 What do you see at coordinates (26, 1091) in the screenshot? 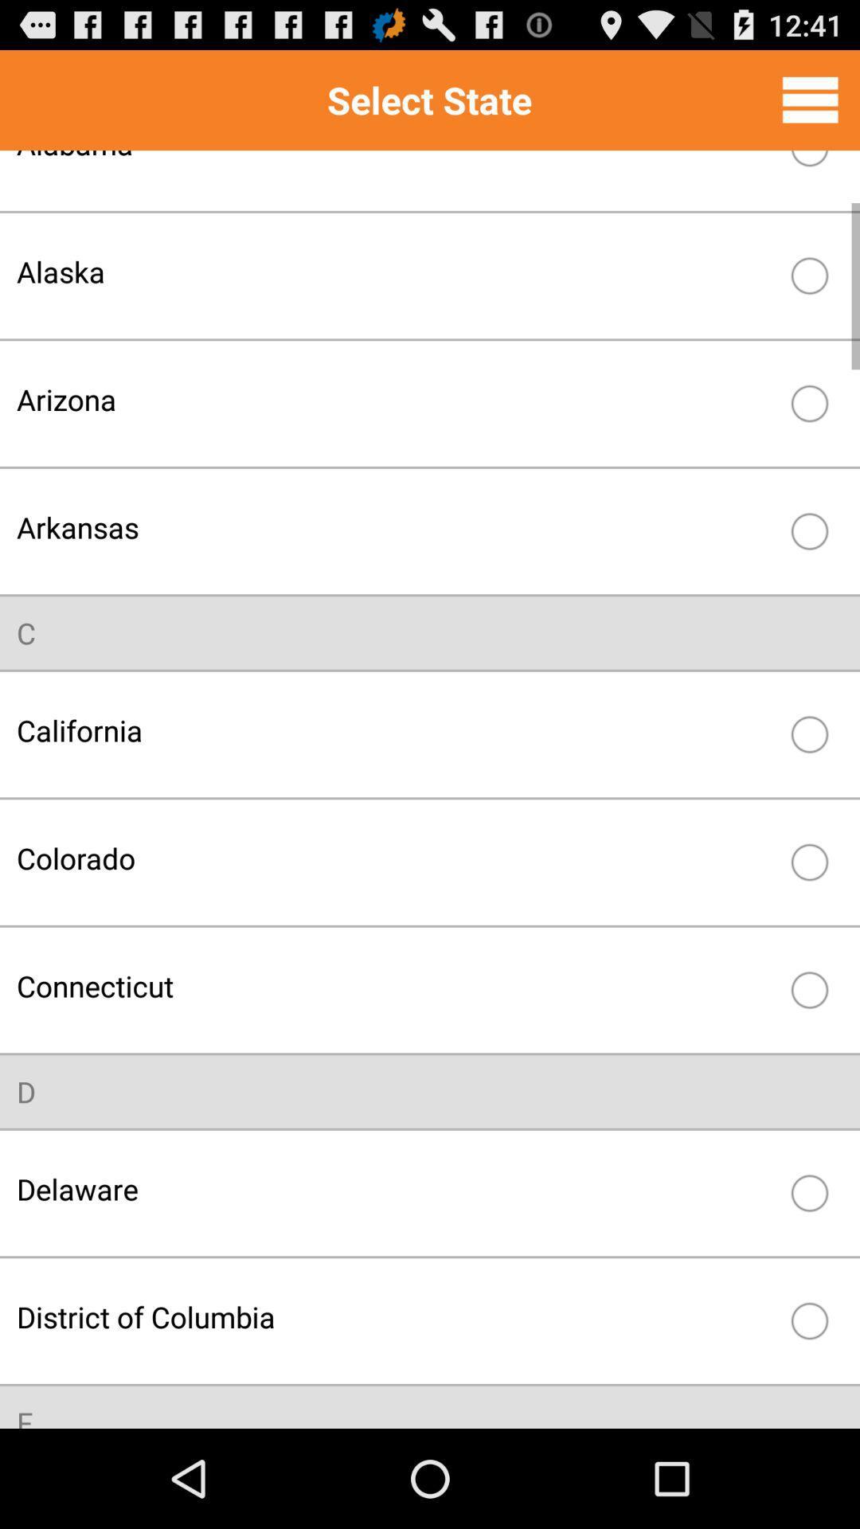
I see `icon below connecticut icon` at bounding box center [26, 1091].